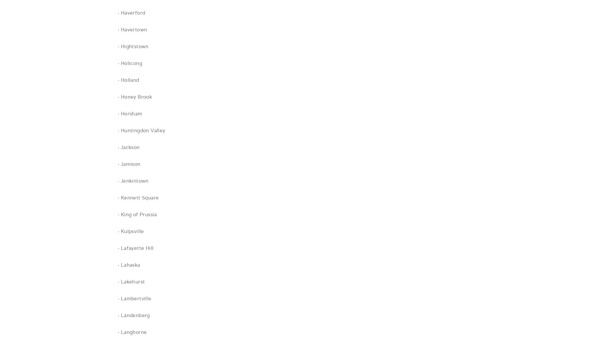  What do you see at coordinates (138, 197) in the screenshot?
I see `'· Kennett Square'` at bounding box center [138, 197].